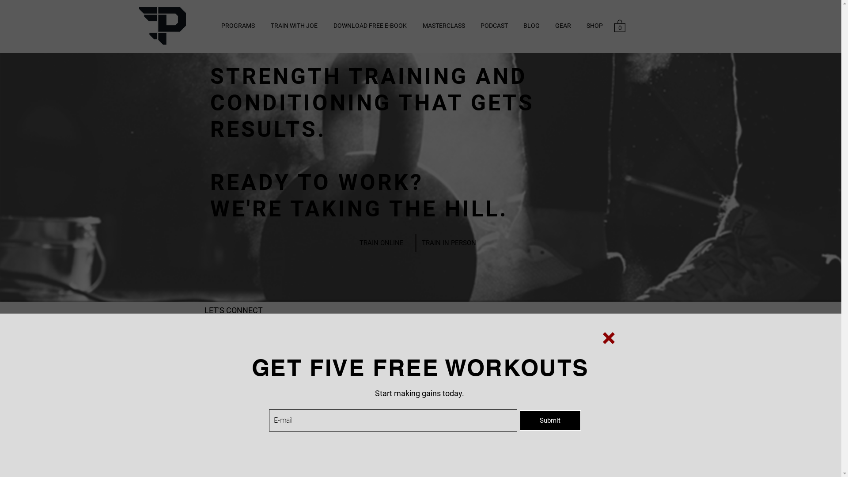 This screenshot has height=477, width=848. Describe the element at coordinates (381, 243) in the screenshot. I see `'TRAIN ONLINE'` at that location.